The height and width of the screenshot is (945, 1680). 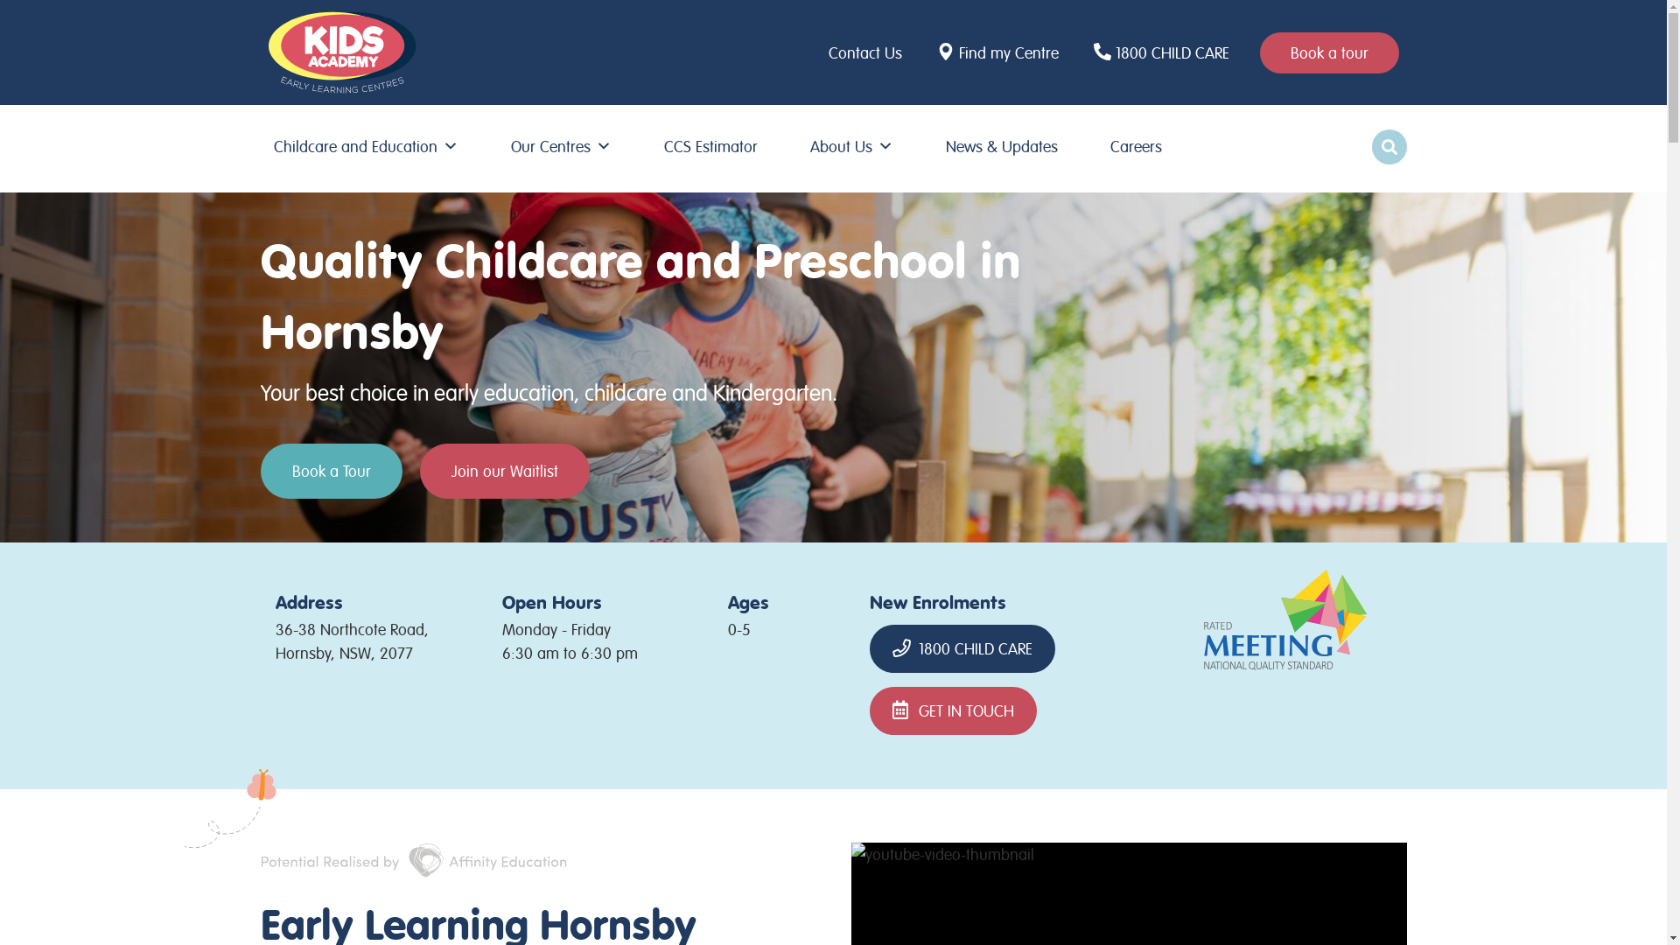 I want to click on '1800 CHILD CARE', so click(x=1088, y=51).